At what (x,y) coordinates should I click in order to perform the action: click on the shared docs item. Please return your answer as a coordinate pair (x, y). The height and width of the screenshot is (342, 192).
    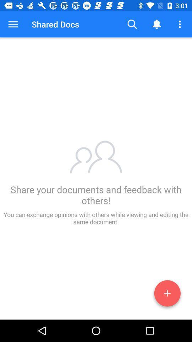
    Looking at the image, I should click on (55, 24).